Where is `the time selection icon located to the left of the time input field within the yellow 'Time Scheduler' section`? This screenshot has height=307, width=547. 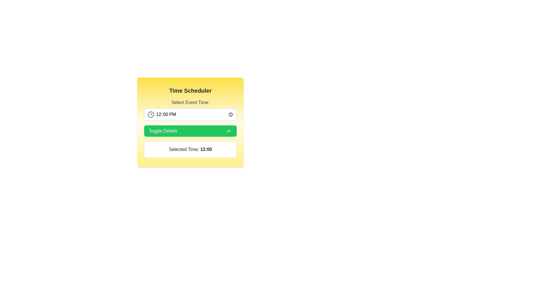 the time selection icon located to the left of the time input field within the yellow 'Time Scheduler' section is located at coordinates (151, 114).